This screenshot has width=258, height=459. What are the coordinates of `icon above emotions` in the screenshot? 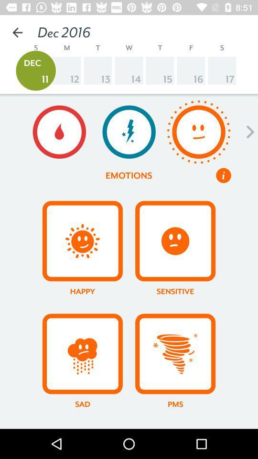 It's located at (129, 131).